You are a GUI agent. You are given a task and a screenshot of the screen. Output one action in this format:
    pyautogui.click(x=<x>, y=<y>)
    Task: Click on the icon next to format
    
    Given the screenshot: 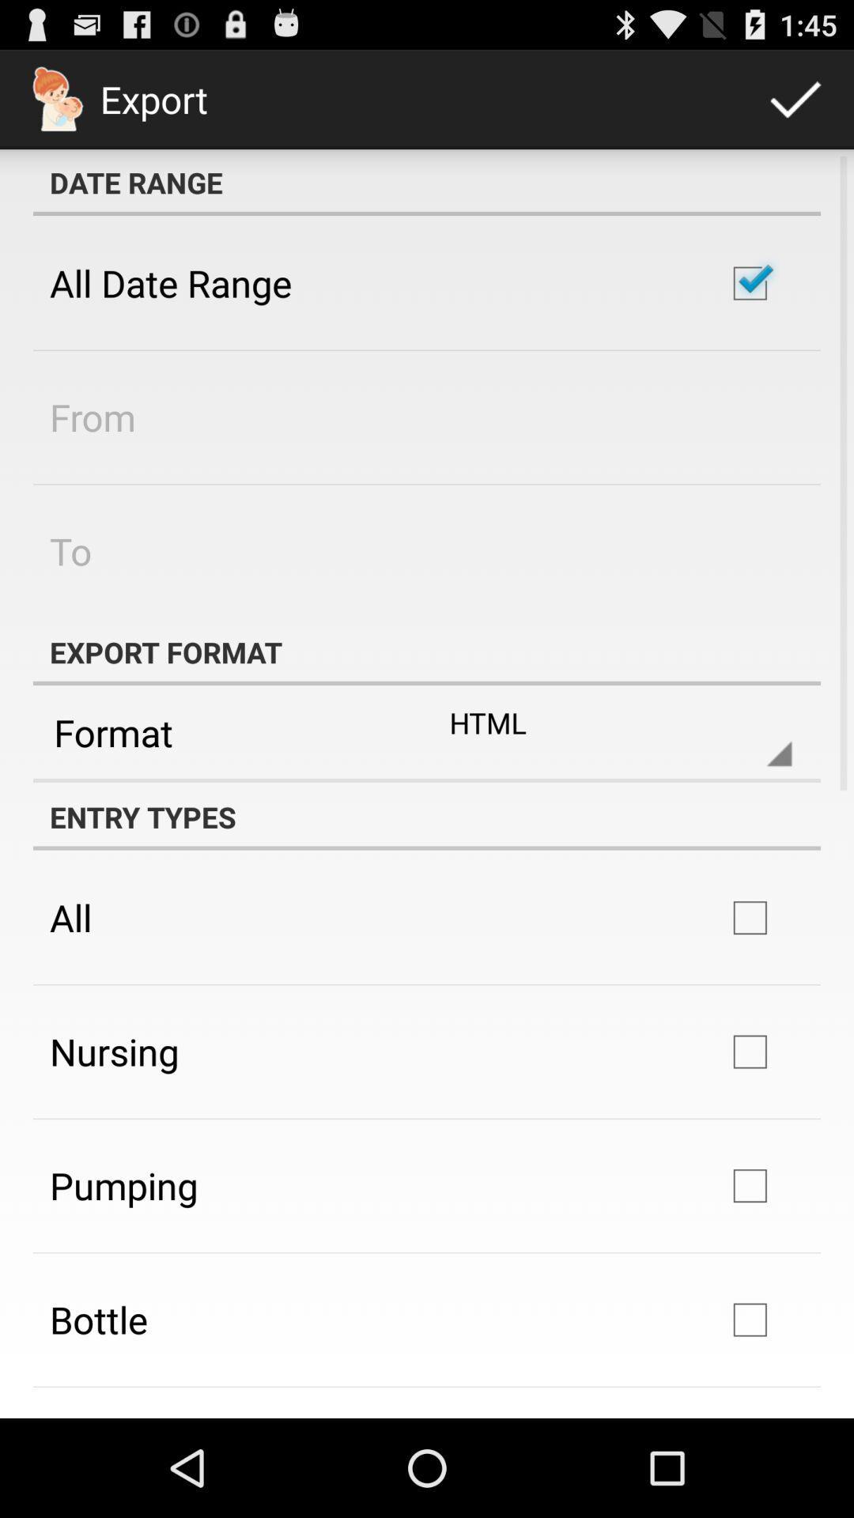 What is the action you would take?
    pyautogui.click(x=607, y=731)
    